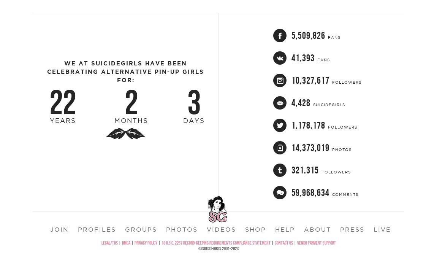 The height and width of the screenshot is (275, 437). What do you see at coordinates (291, 166) in the screenshot?
I see `'14,373,019'` at bounding box center [291, 166].